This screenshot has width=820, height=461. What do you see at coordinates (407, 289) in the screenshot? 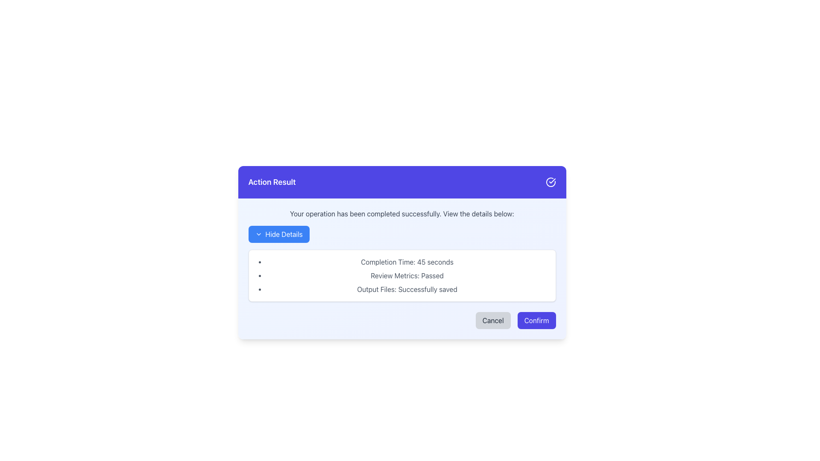
I see `the text label that reads 'Output Files: Successfully saved', styled in muted gray color and positioned as the third entry in a vertical list of bullet points` at bounding box center [407, 289].